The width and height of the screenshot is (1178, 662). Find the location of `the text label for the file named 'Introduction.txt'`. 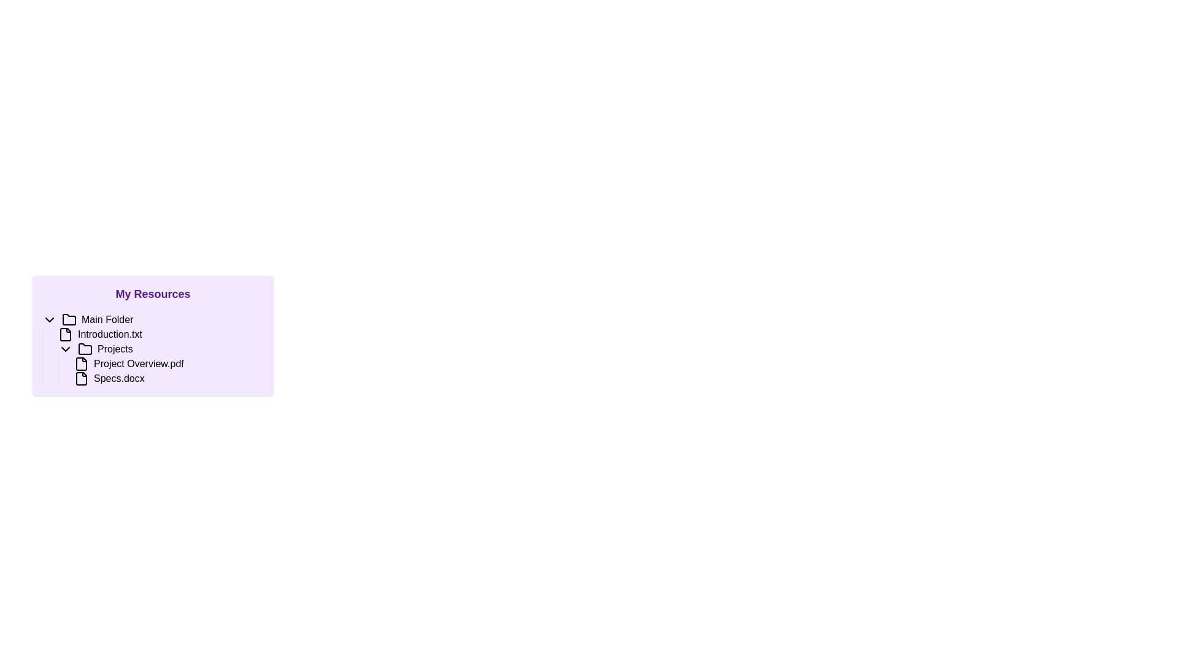

the text label for the file named 'Introduction.txt' is located at coordinates (110, 335).